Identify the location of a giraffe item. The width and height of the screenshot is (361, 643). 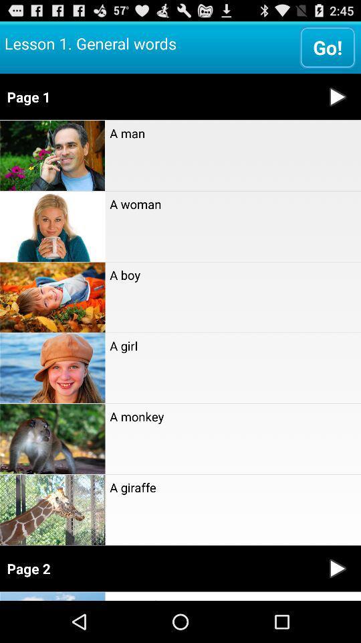
(232, 486).